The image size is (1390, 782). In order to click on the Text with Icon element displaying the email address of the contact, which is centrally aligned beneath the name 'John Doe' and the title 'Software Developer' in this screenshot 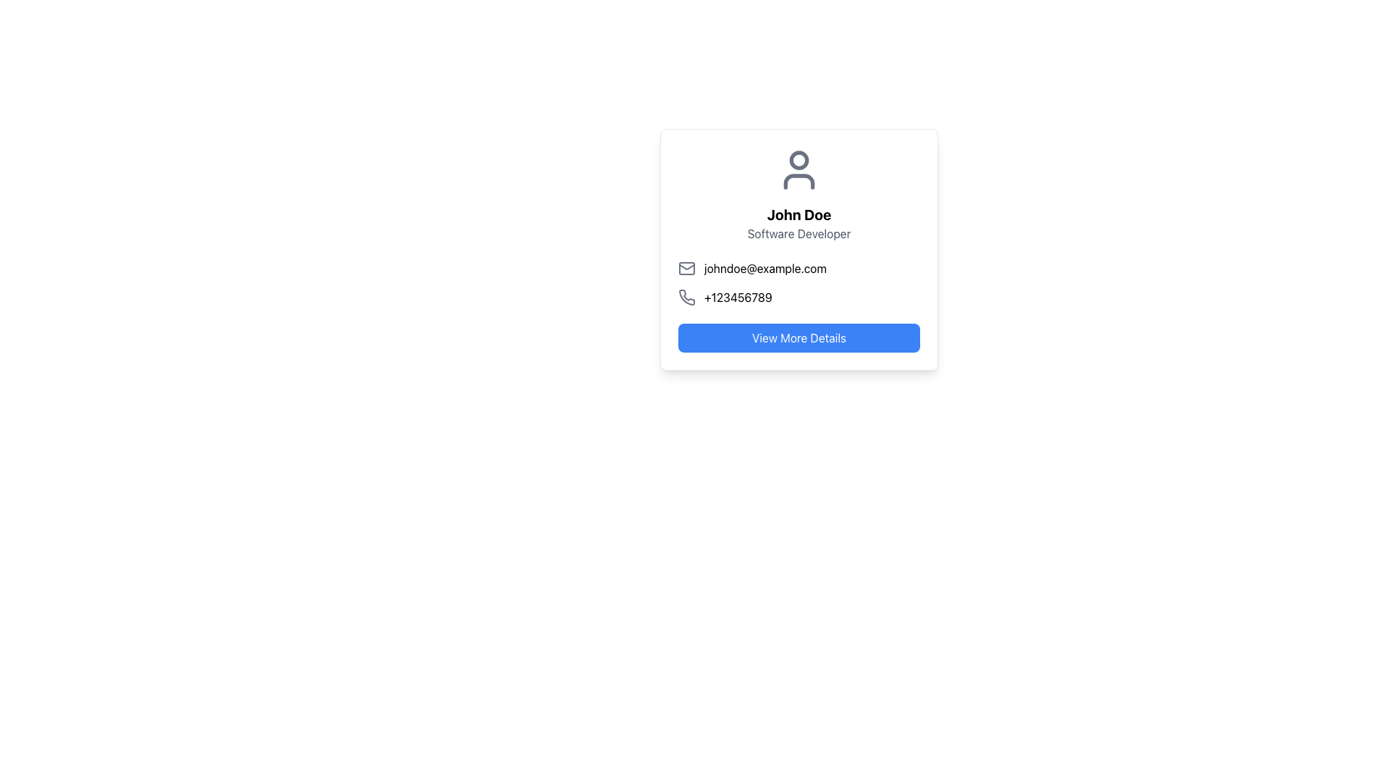, I will do `click(799, 268)`.